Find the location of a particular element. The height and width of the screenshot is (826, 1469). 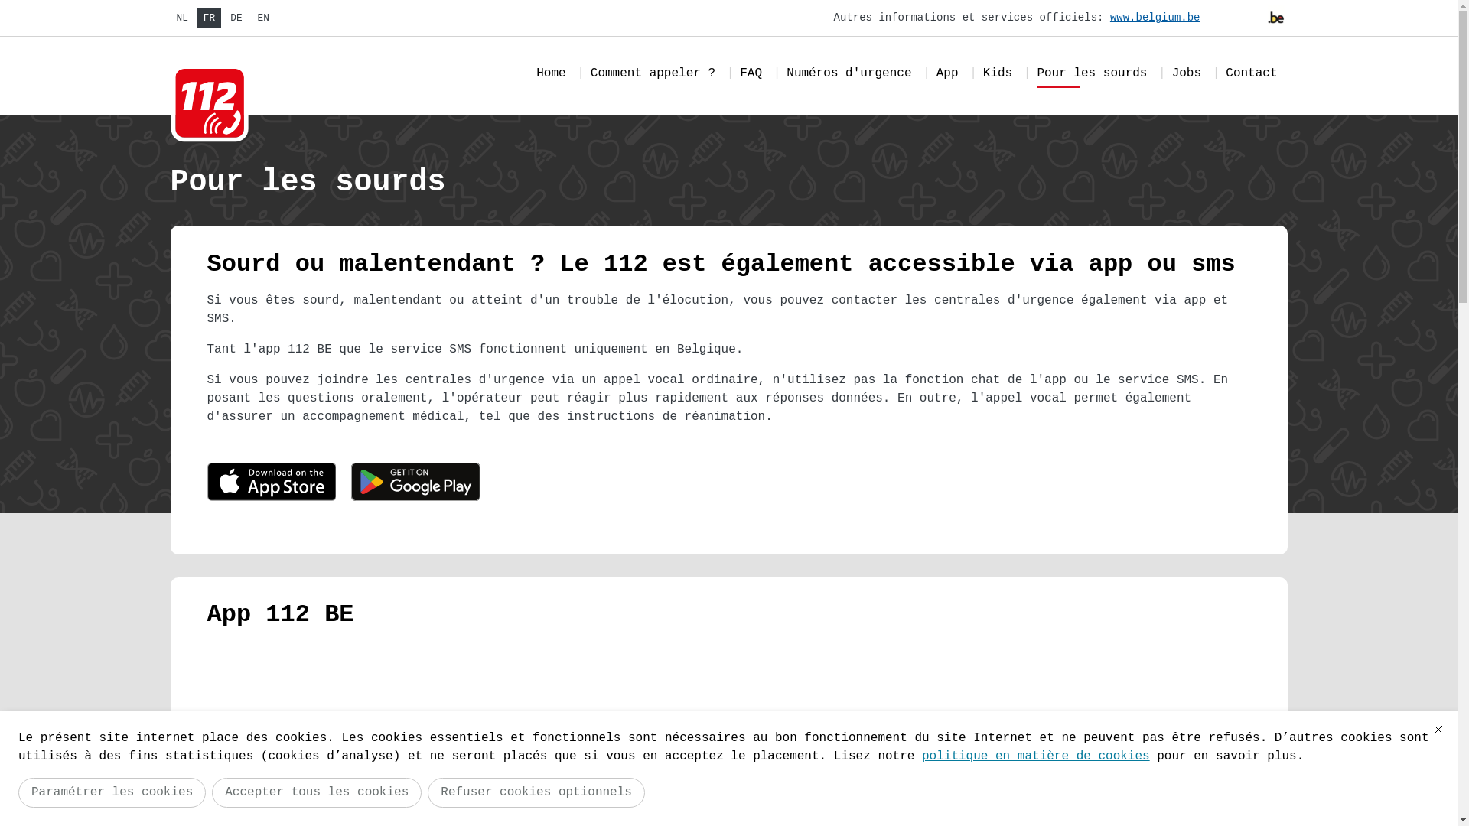

'Fermer' is located at coordinates (1438, 728).